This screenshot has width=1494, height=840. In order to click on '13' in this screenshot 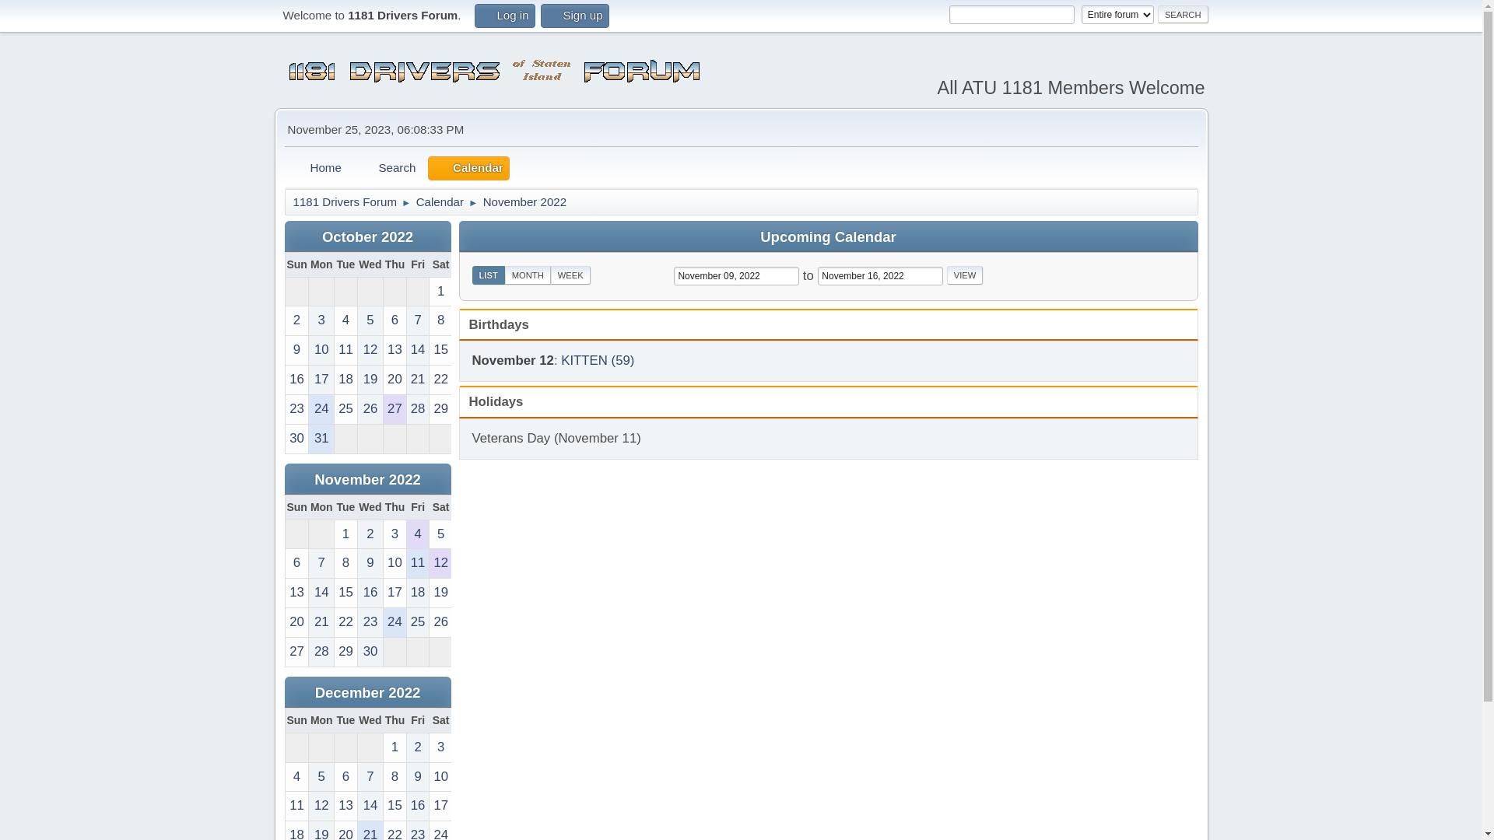, I will do `click(284, 593)`.